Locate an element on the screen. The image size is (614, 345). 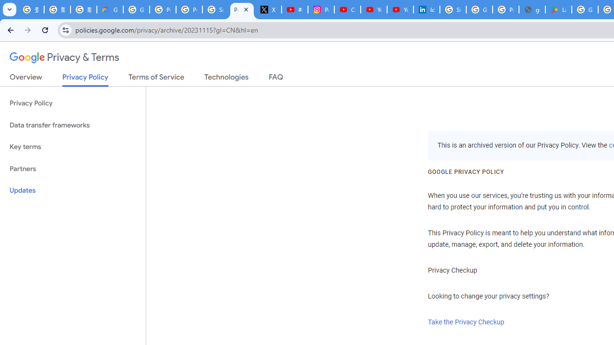
'google_privacy_policy_en.pdf' is located at coordinates (531, 10).